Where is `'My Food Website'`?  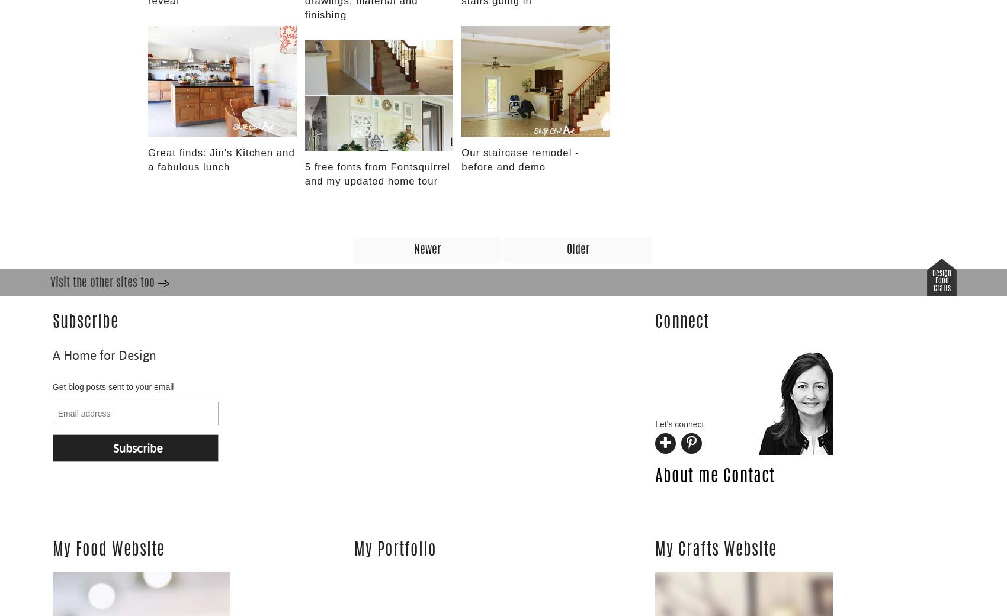 'My Food Website' is located at coordinates (52, 550).